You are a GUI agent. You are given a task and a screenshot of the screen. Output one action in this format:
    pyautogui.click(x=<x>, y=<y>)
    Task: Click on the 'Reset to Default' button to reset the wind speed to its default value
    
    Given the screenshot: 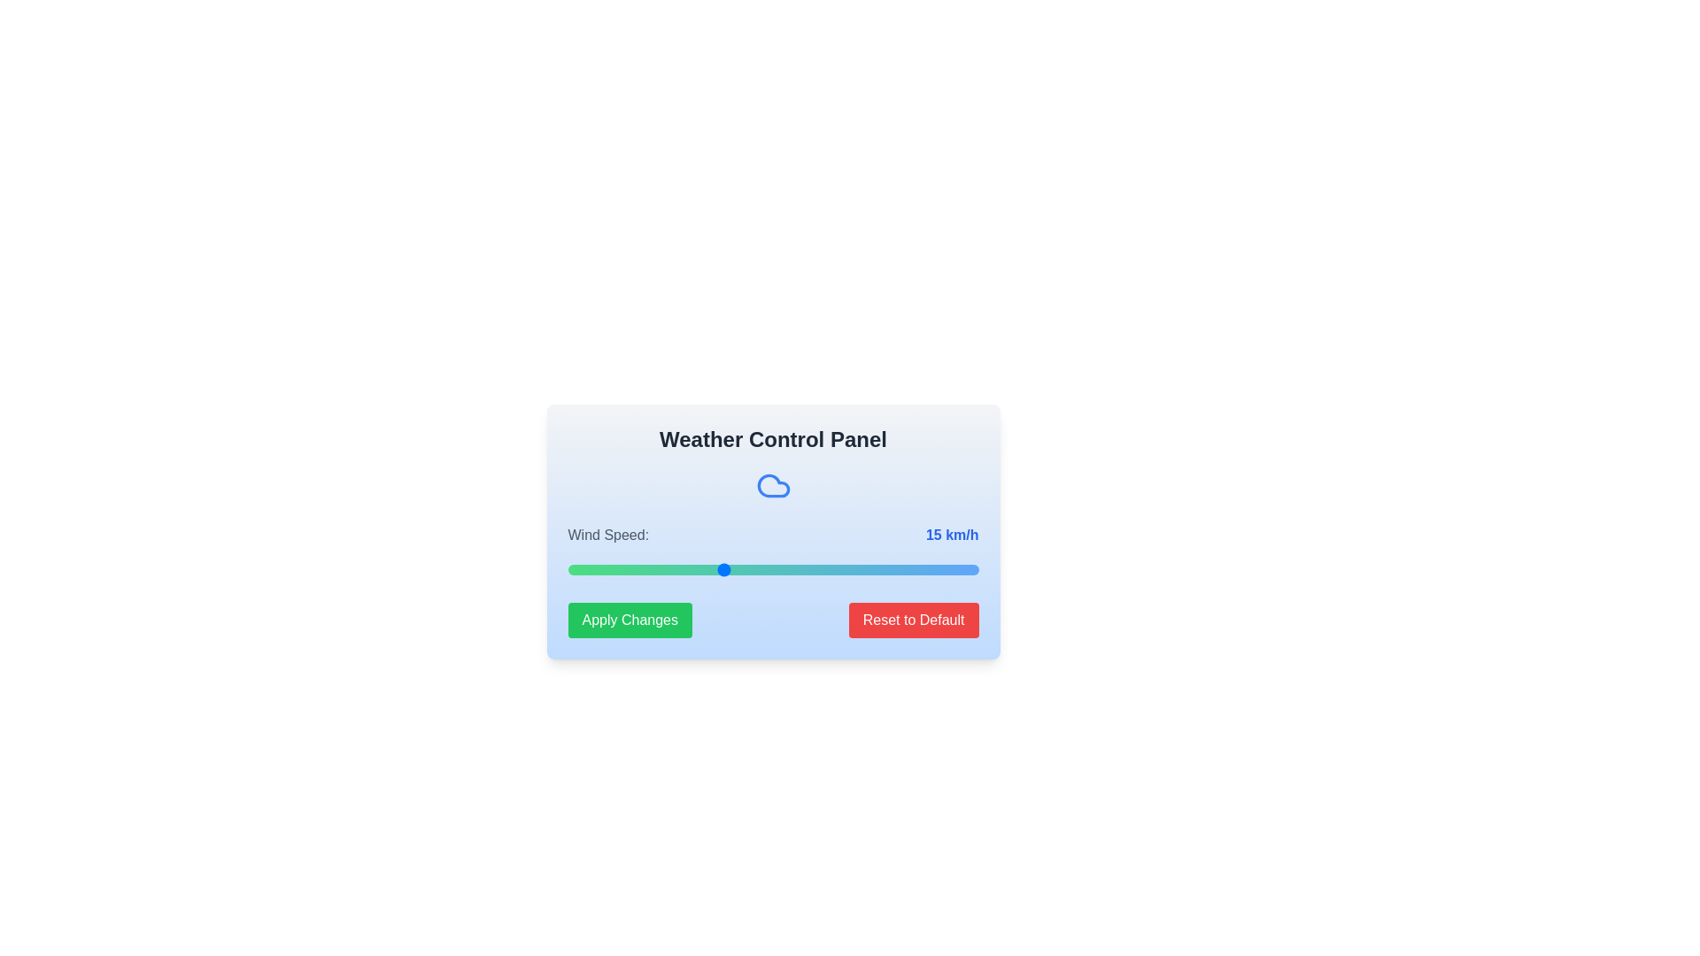 What is the action you would take?
    pyautogui.click(x=914, y=620)
    